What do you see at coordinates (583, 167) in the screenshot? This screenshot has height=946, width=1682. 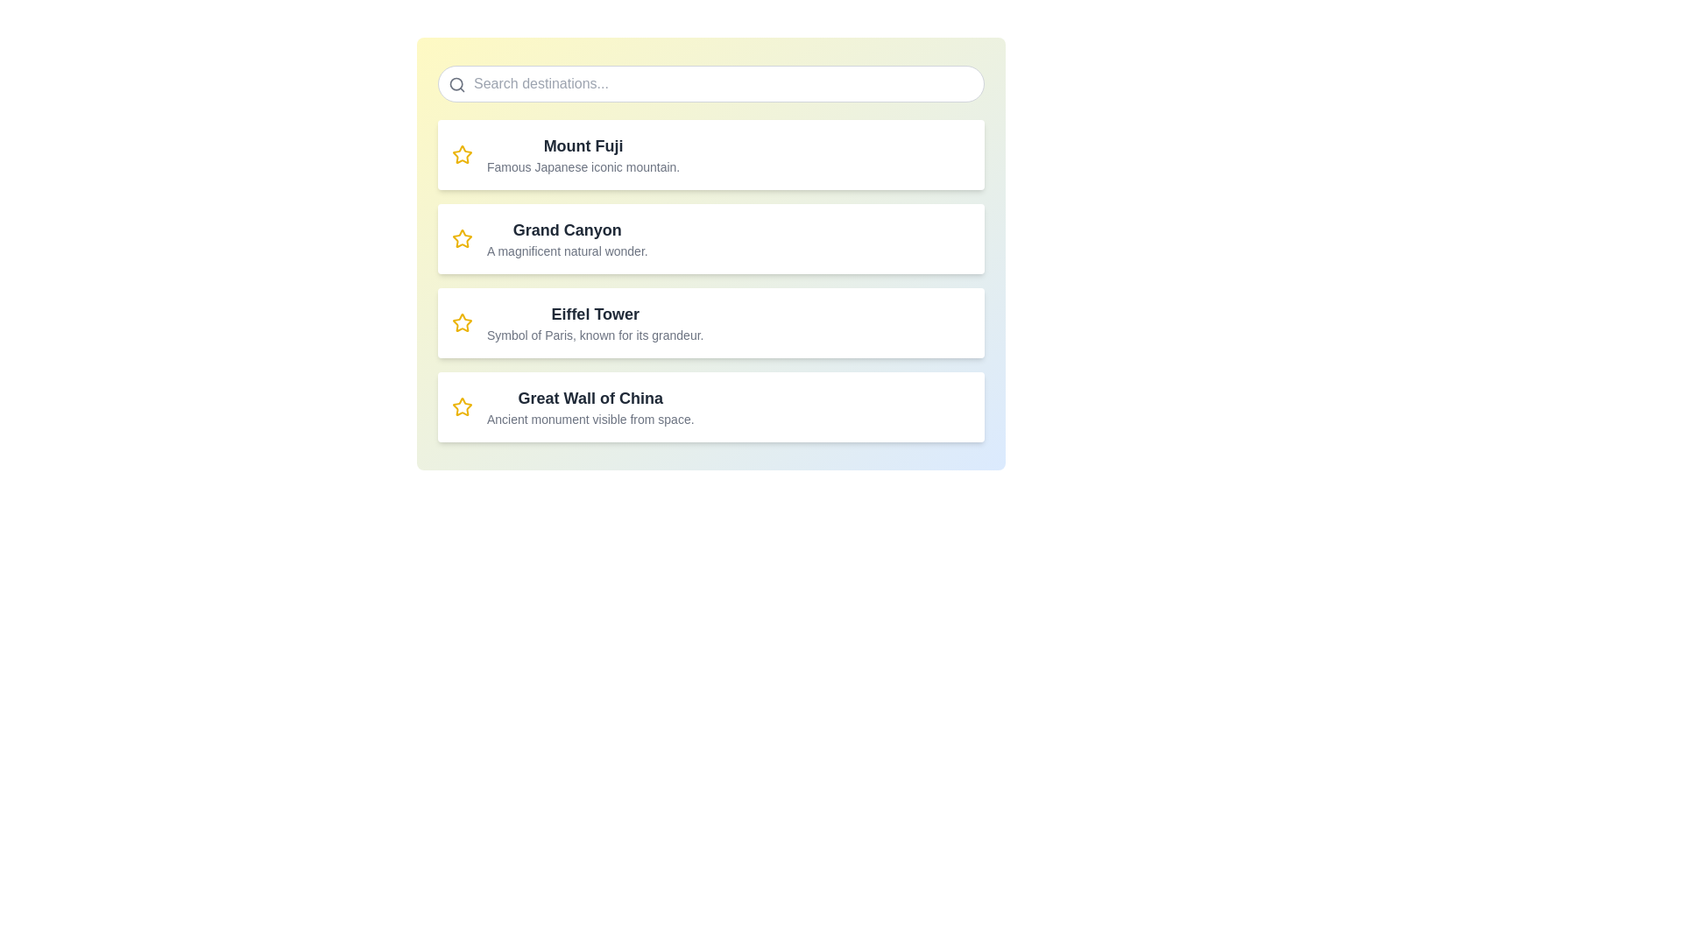 I see `the static text providing a description about 'Mount Fuji' located directly below the title in the first card` at bounding box center [583, 167].